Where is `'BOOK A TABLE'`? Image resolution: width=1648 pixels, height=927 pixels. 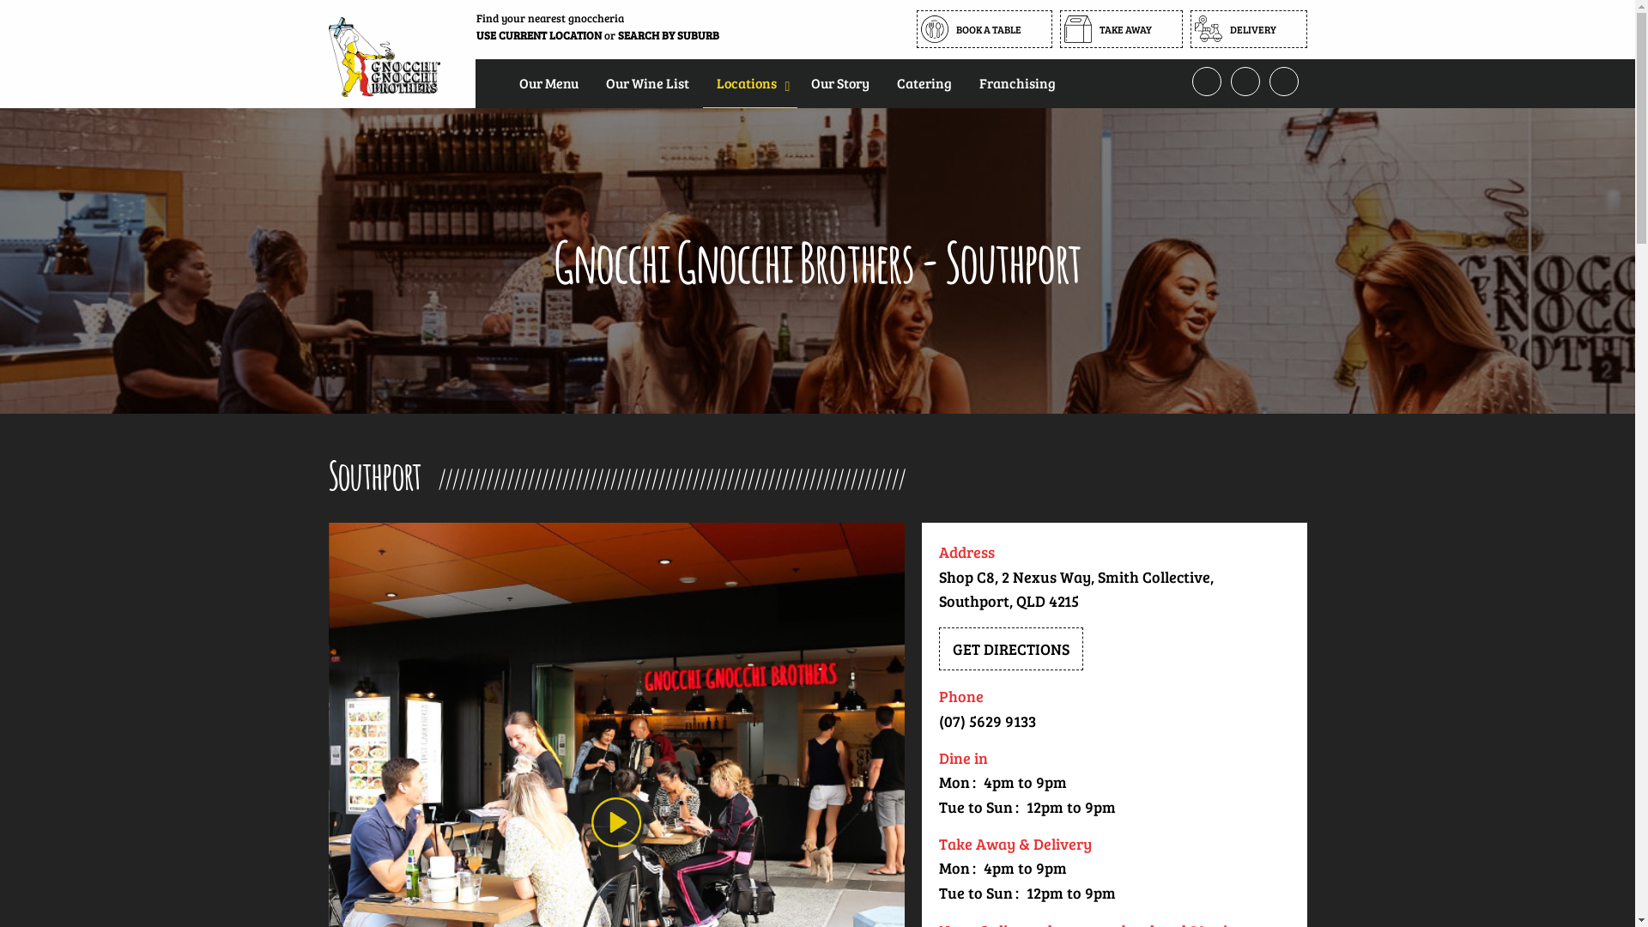 'BOOK A TABLE' is located at coordinates (916, 29).